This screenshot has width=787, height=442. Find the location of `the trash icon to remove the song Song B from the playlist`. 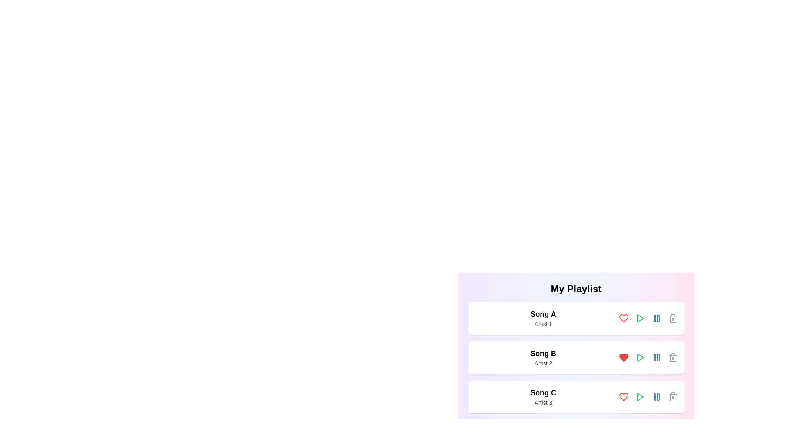

the trash icon to remove the song Song B from the playlist is located at coordinates (673, 357).